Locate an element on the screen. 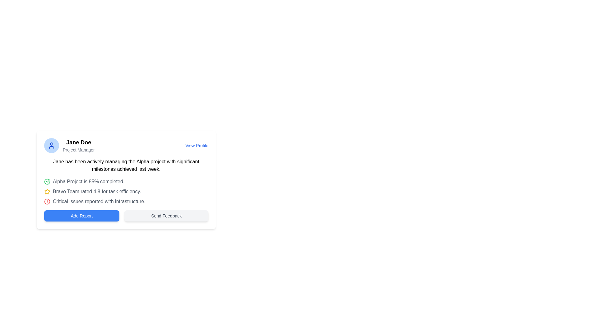  the inner circular layer of the three-layered warning icon located next to the text 'Critical issues reported with infrastructure' is located at coordinates (47, 202).